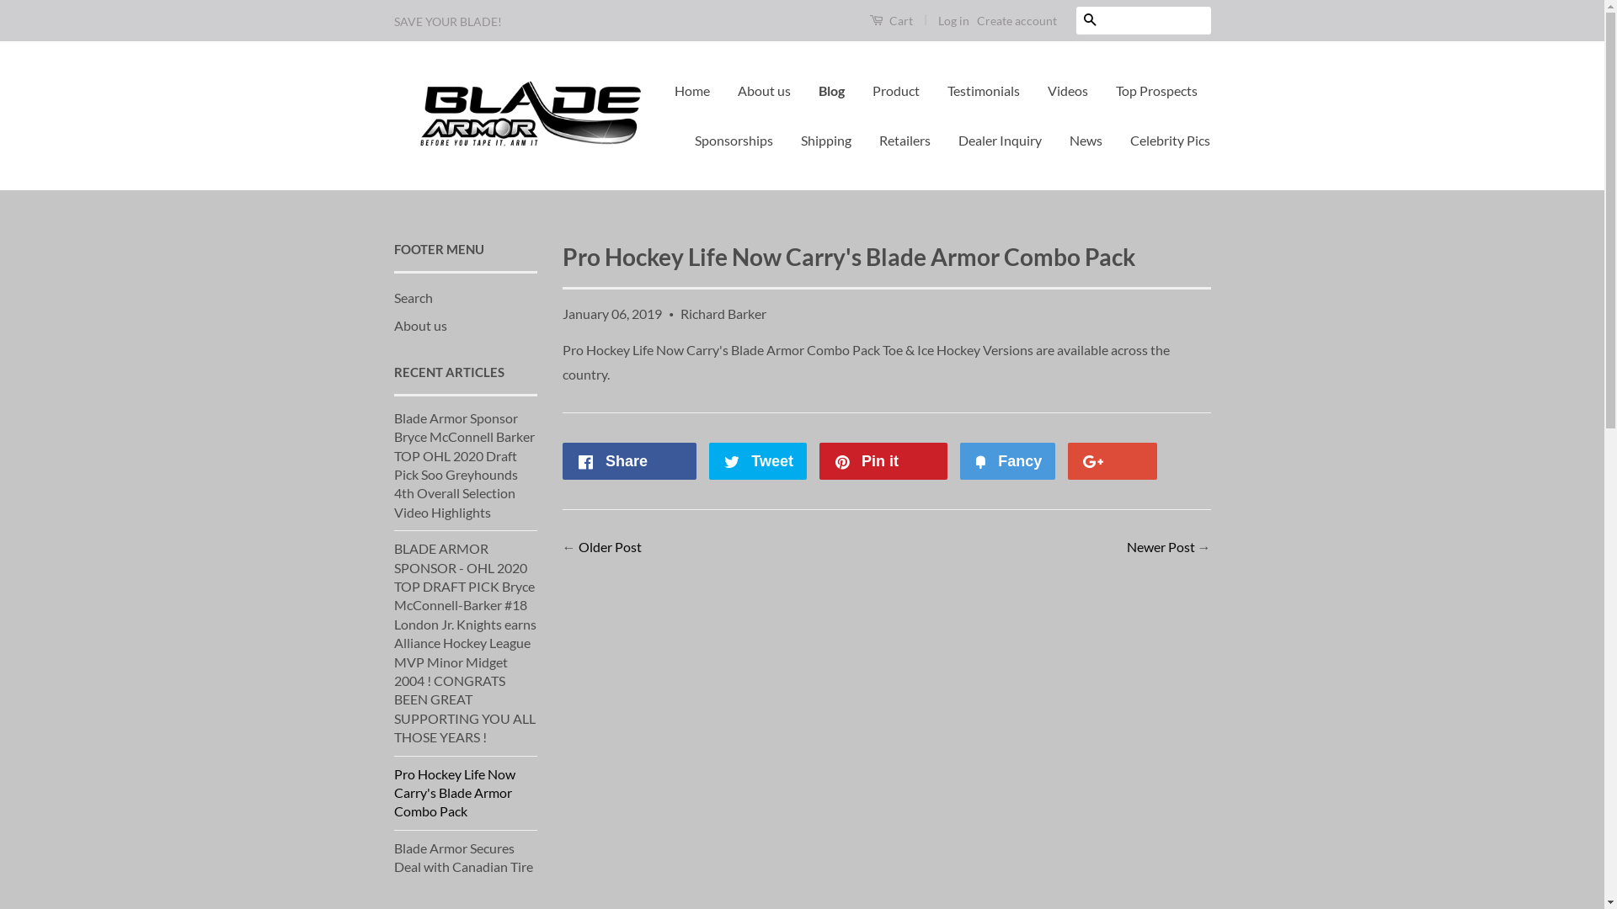 This screenshot has width=1617, height=909. Describe the element at coordinates (1160, 546) in the screenshot. I see `'Newer Post'` at that location.